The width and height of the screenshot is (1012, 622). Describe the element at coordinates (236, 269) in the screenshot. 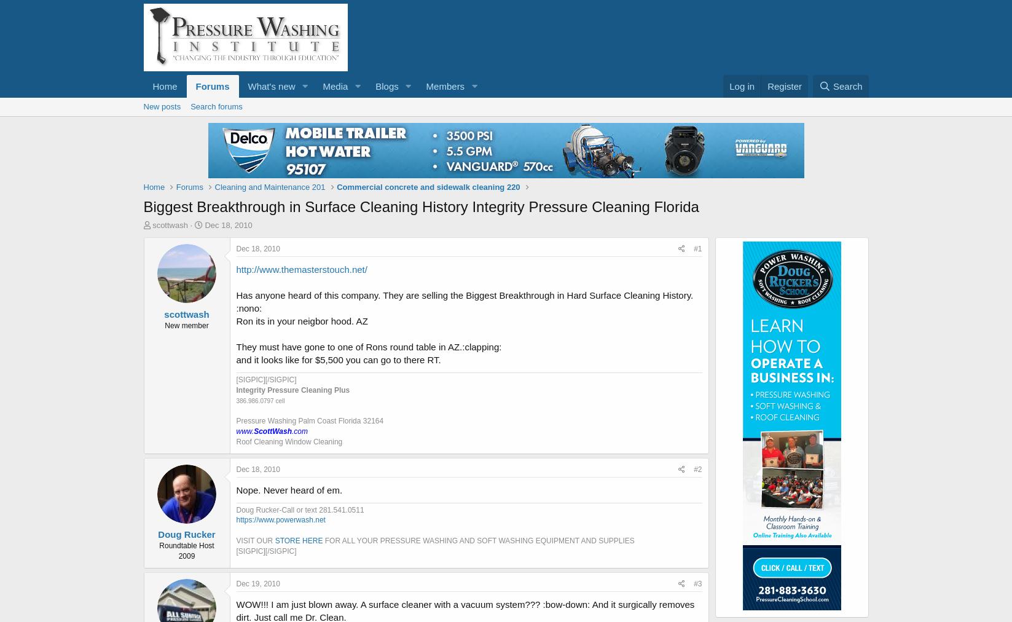

I see `'http://www.themasterstouch.net/'` at that location.